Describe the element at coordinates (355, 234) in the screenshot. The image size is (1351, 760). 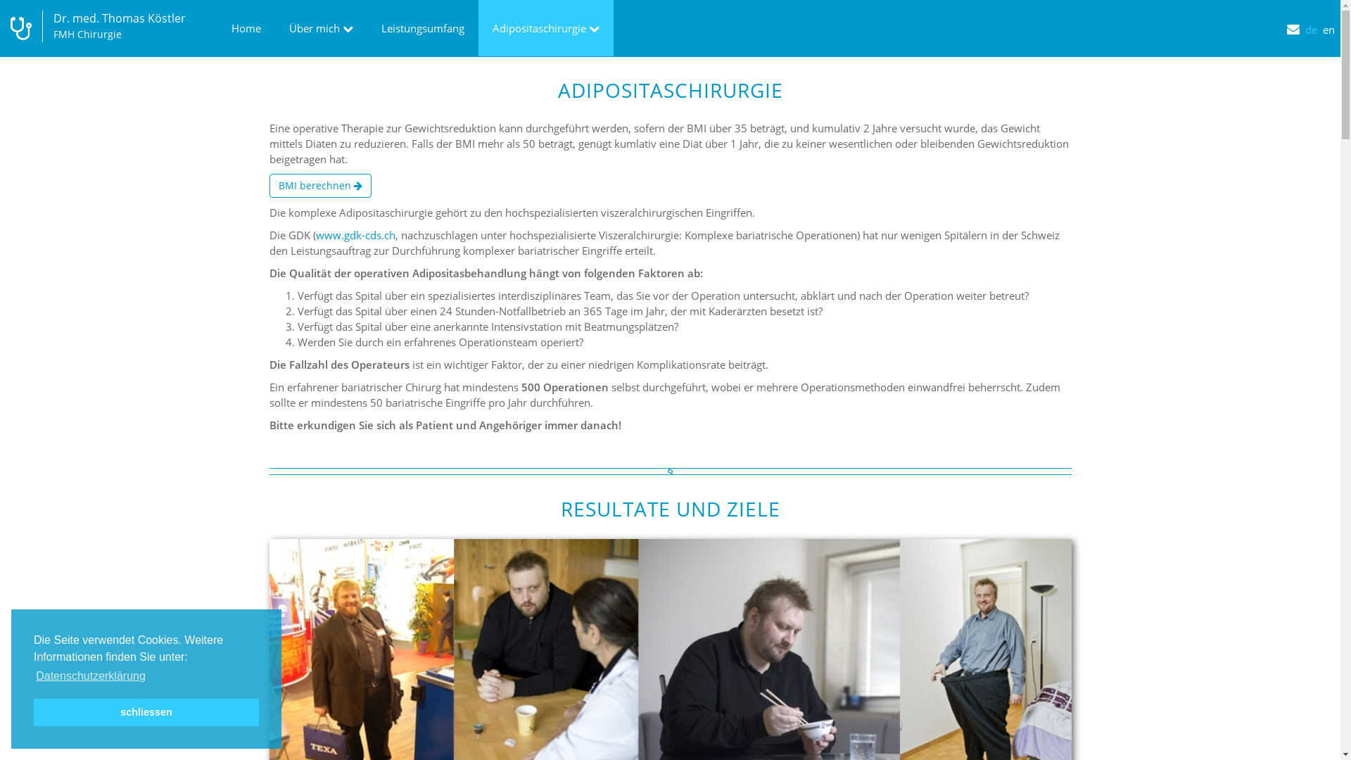
I see `'www.gdk-cds.ch'` at that location.